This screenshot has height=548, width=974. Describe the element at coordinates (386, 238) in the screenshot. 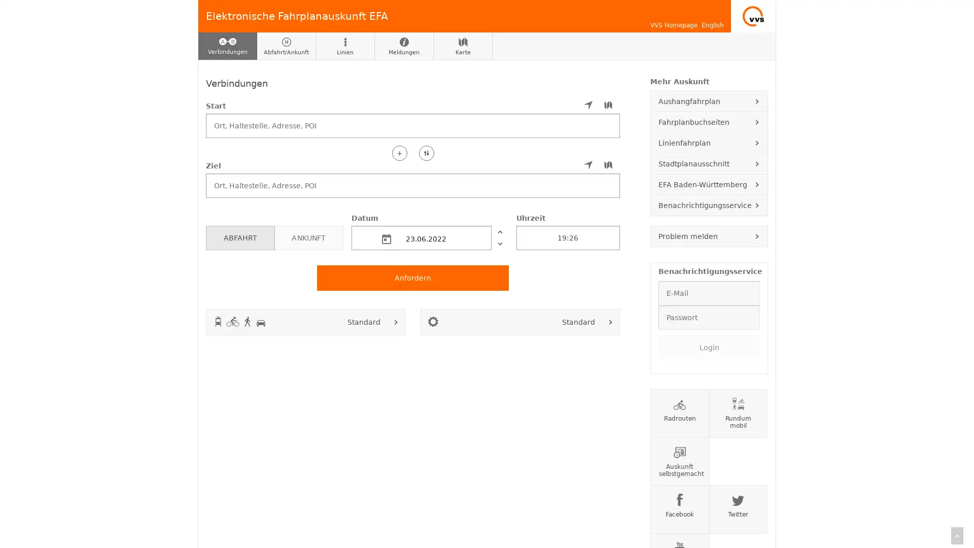

I see `md-calendar` at that location.